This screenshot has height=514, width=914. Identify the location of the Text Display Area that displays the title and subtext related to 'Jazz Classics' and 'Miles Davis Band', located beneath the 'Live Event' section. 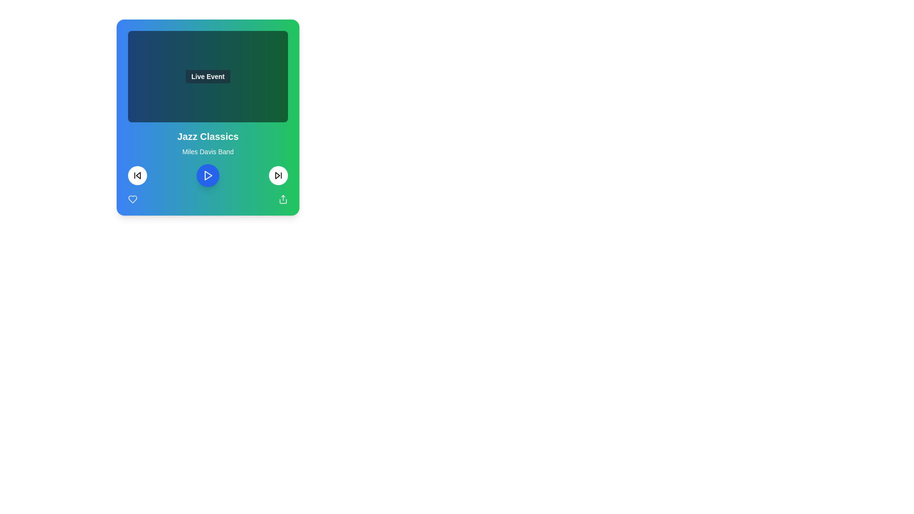
(207, 143).